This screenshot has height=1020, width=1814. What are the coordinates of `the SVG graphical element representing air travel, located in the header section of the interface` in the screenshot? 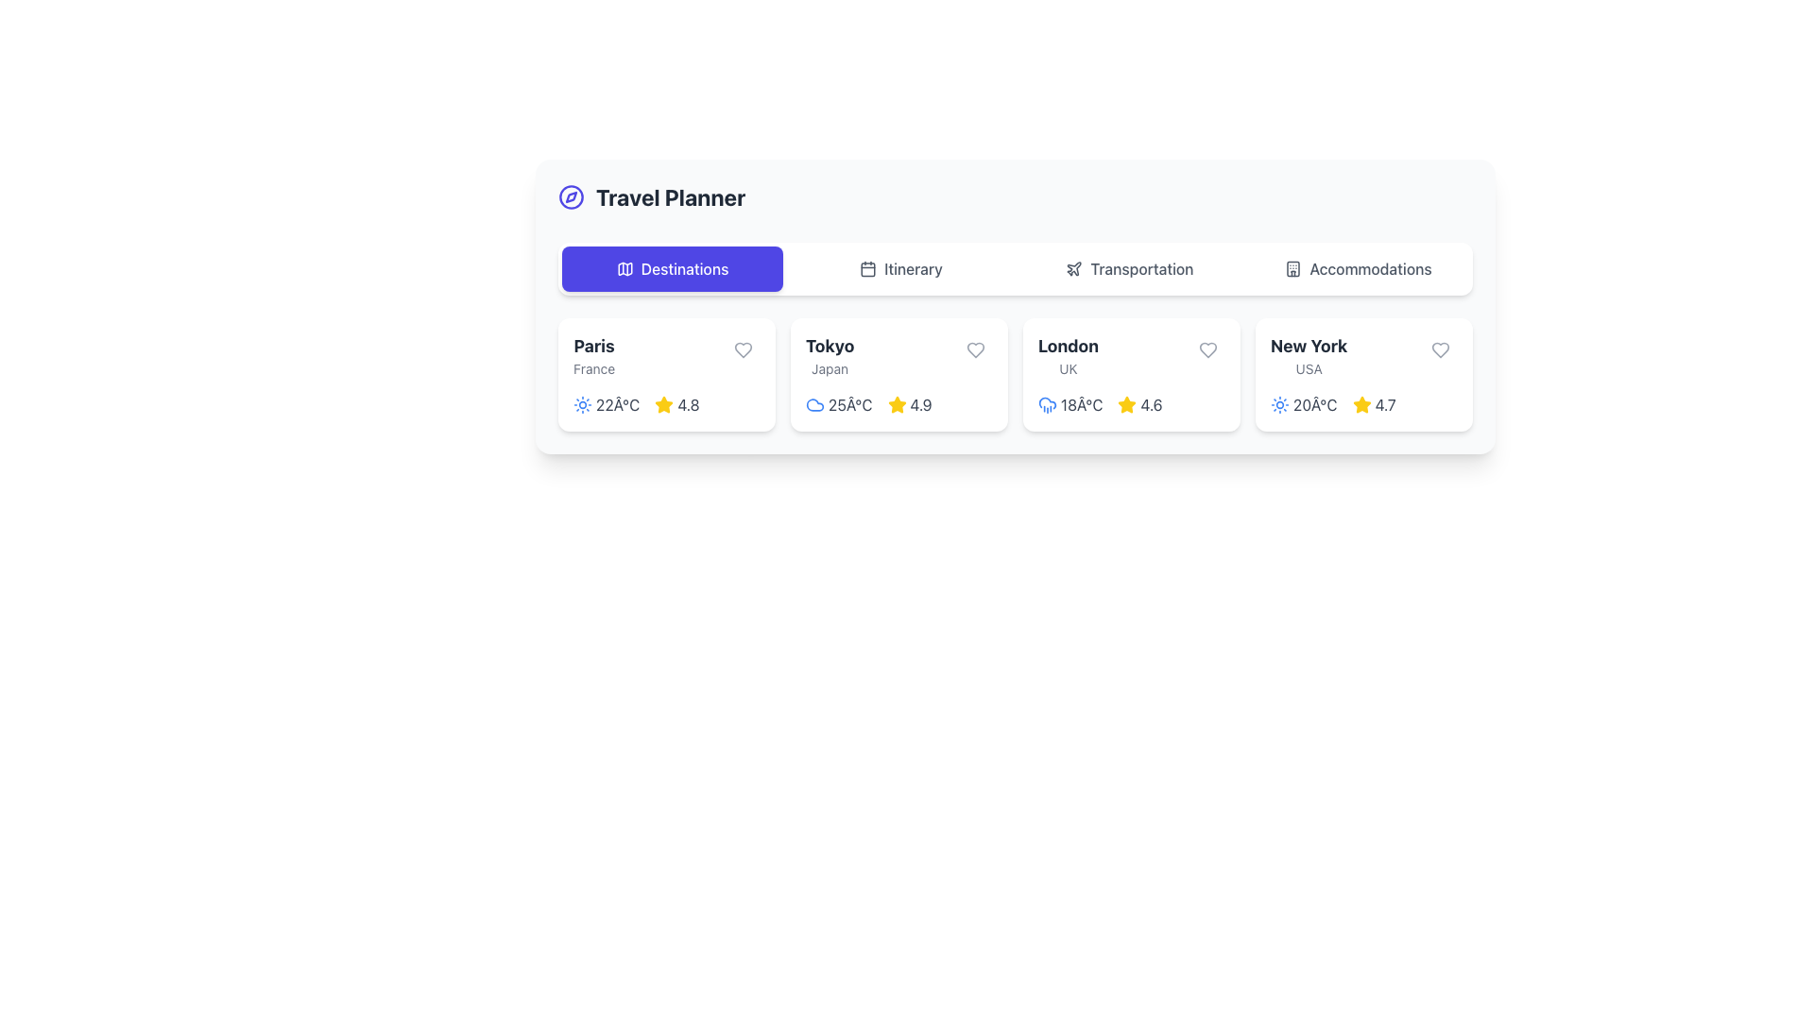 It's located at (1074, 268).